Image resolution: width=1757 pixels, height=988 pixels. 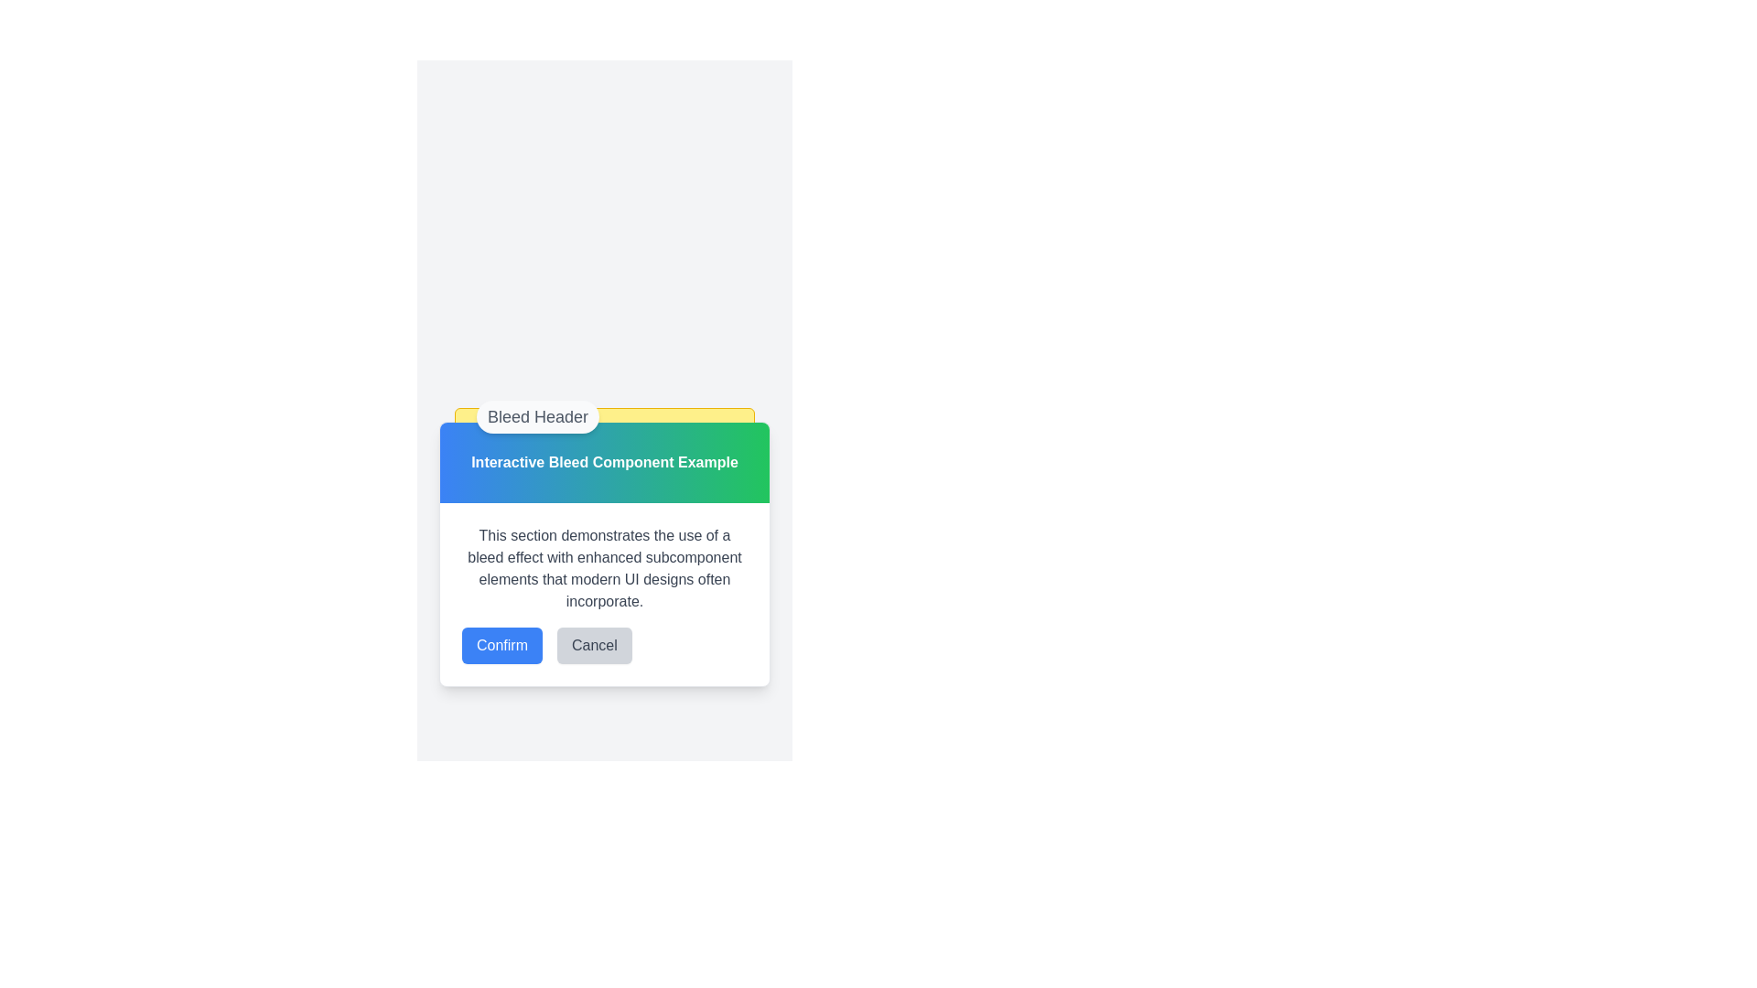 I want to click on the static text element that contains the informational paragraph about bleed effects in modern UI designs, which is styled with gray text and is located above the Confirm and Cancel buttons, so click(x=605, y=567).